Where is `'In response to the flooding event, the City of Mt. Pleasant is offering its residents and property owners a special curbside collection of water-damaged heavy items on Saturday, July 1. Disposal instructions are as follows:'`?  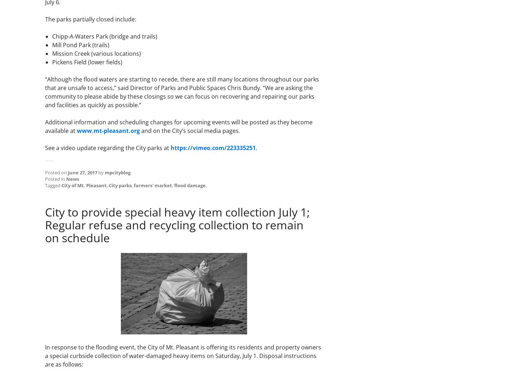
'In response to the flooding event, the City of Mt. Pleasant is offering its residents and property owners a special curbside collection of water-damaged heavy items on Saturday, July 1. Disposal instructions are as follows:' is located at coordinates (44, 355).